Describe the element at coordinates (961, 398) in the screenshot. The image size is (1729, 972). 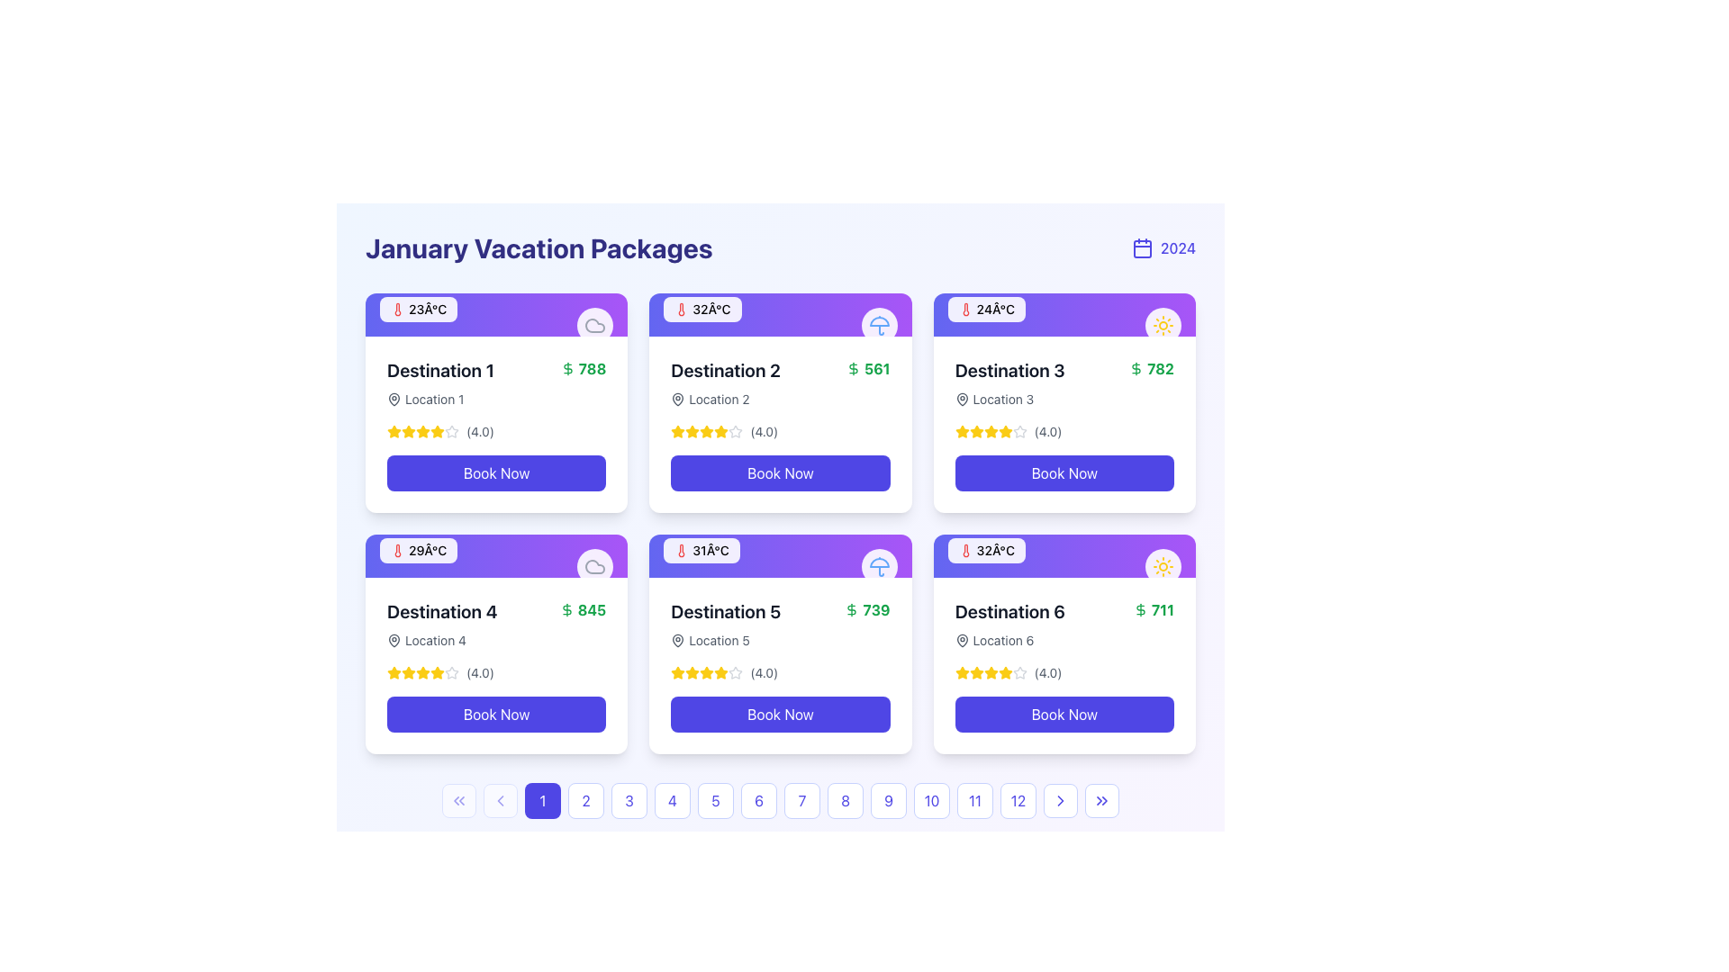
I see `the location pin icon located within the 'Destination 3' card` at that location.